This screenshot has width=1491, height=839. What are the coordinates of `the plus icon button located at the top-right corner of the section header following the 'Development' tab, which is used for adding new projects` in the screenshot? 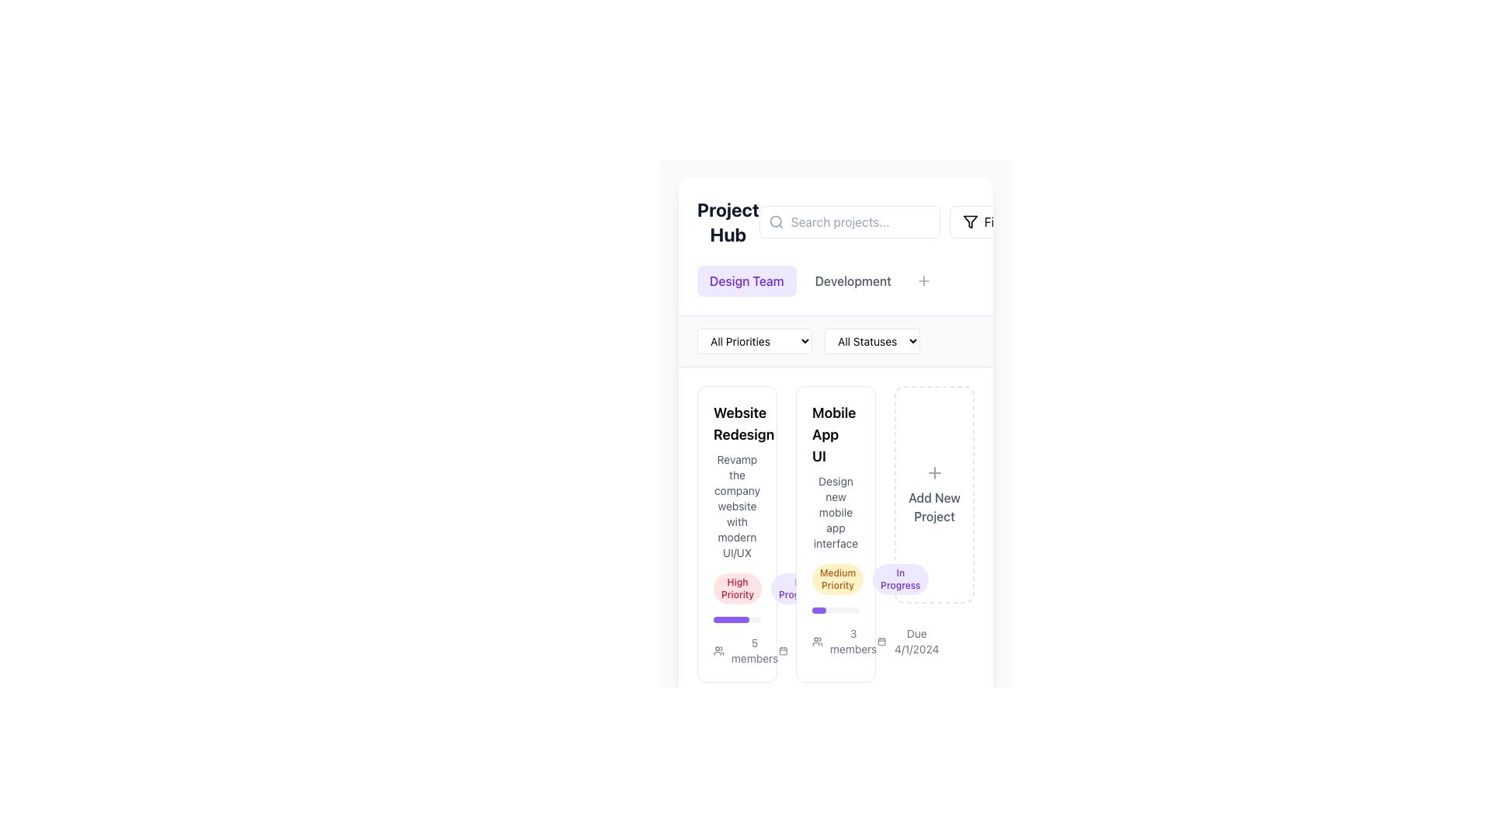 It's located at (923, 281).